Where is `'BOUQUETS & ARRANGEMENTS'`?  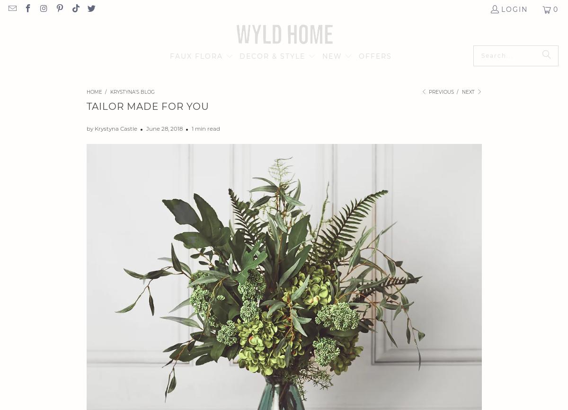
'BOUQUETS & ARRANGEMENTS' is located at coordinates (179, 111).